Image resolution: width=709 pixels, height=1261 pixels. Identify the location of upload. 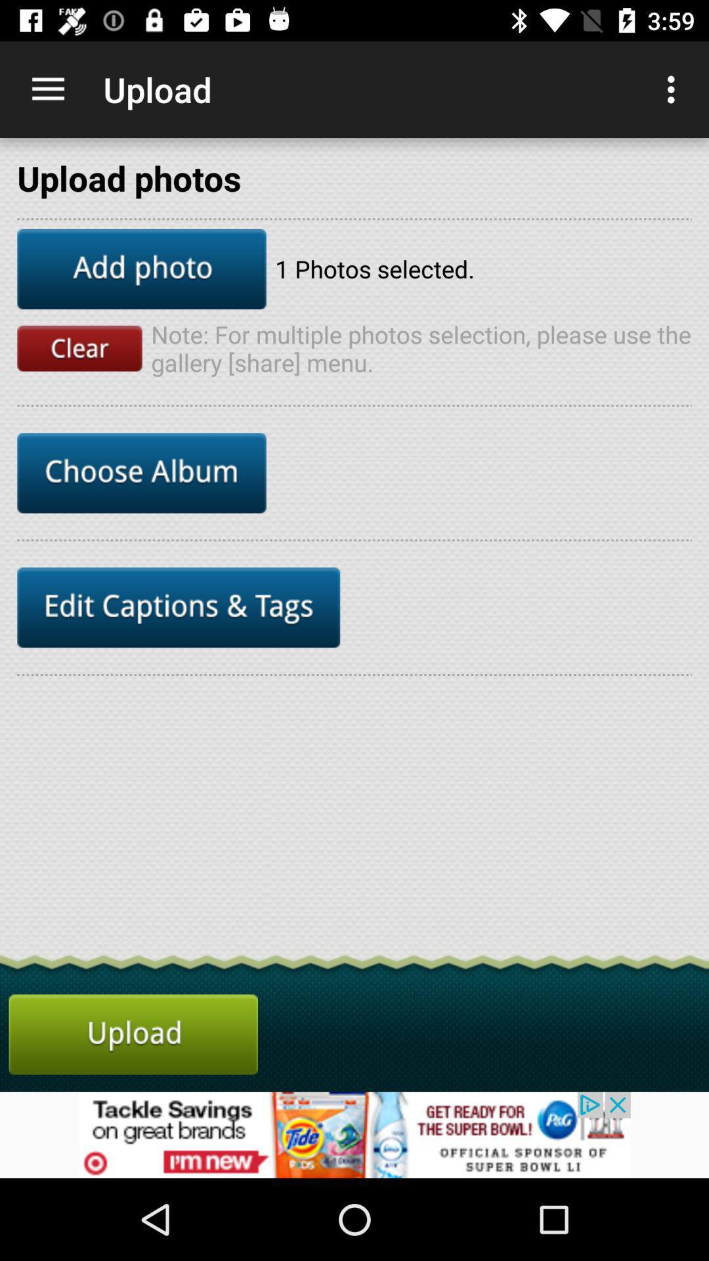
(133, 1034).